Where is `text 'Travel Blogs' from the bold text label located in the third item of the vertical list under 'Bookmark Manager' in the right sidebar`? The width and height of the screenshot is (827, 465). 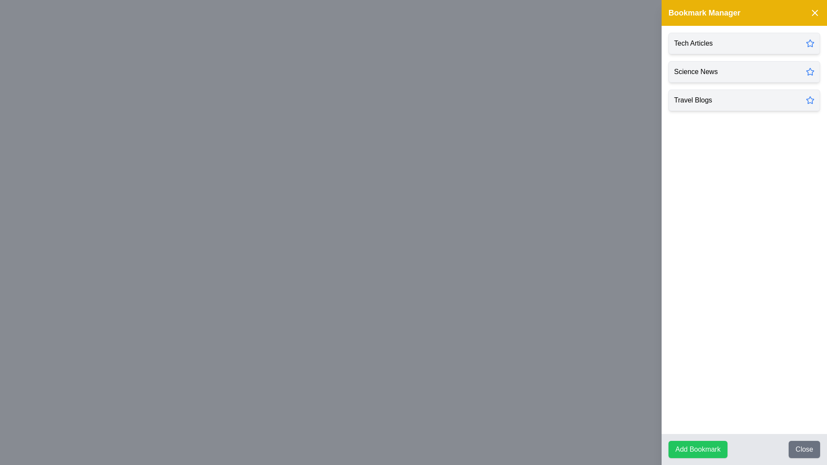 text 'Travel Blogs' from the bold text label located in the third item of the vertical list under 'Bookmark Manager' in the right sidebar is located at coordinates (693, 99).